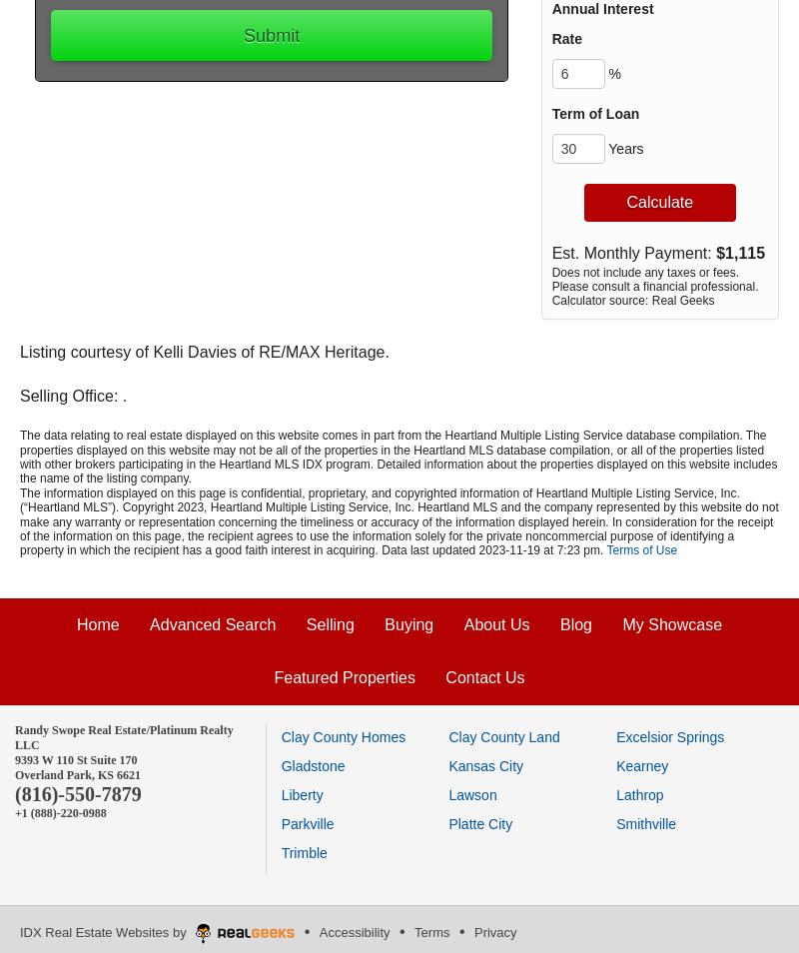 This screenshot has height=953, width=799. Describe the element at coordinates (150, 622) in the screenshot. I see `'Advanced Search'` at that location.